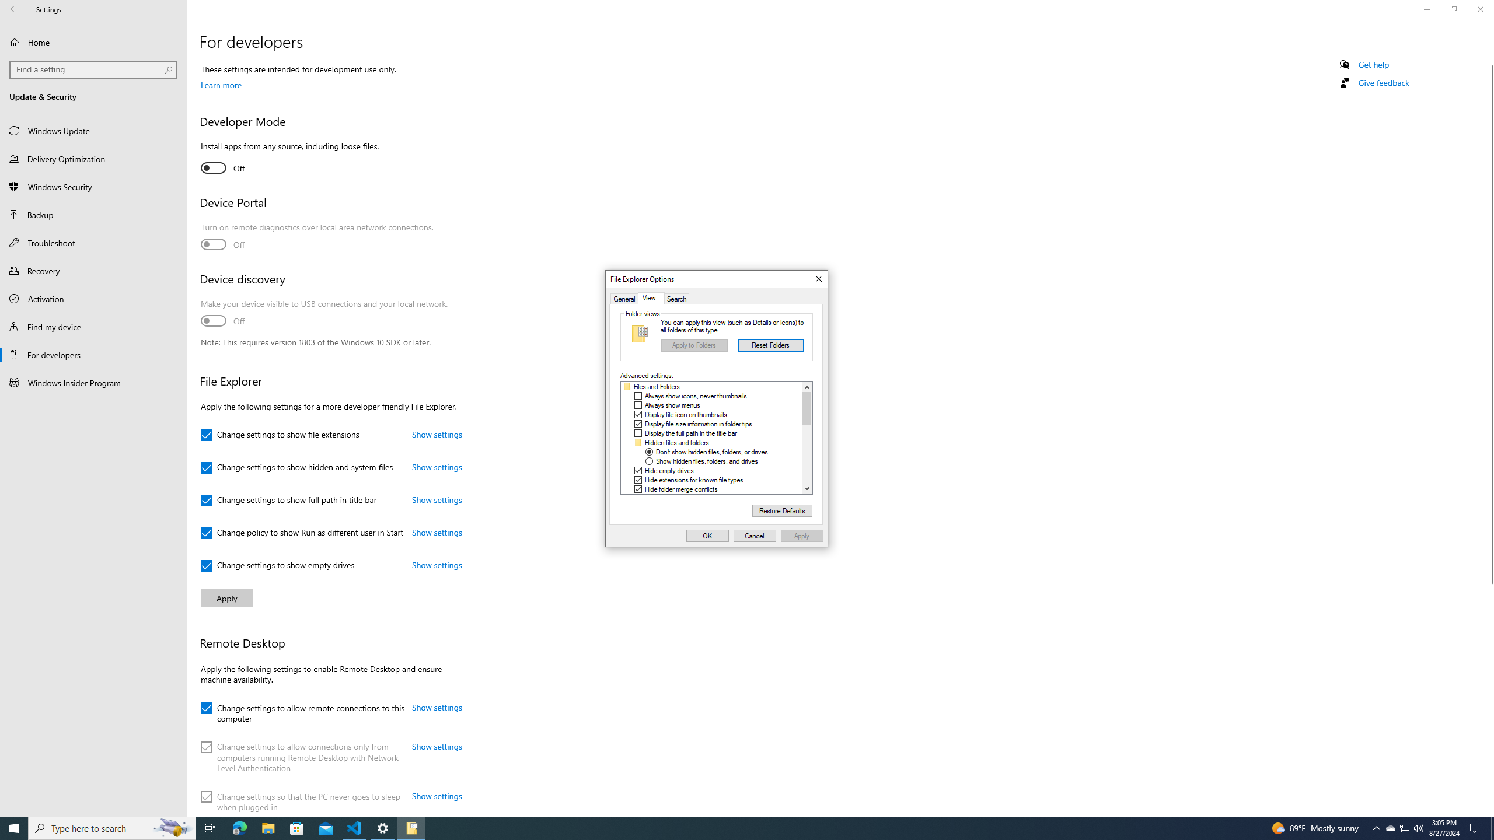 Image resolution: width=1494 pixels, height=840 pixels. I want to click on 'File Explorer Options - 1 running window', so click(411, 827).